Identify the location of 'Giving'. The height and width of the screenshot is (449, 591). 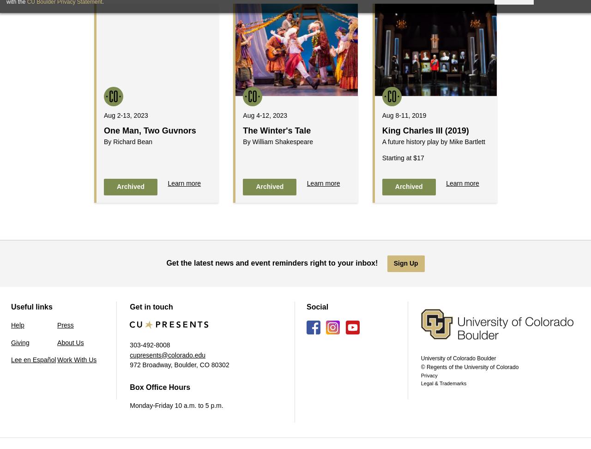
(20, 342).